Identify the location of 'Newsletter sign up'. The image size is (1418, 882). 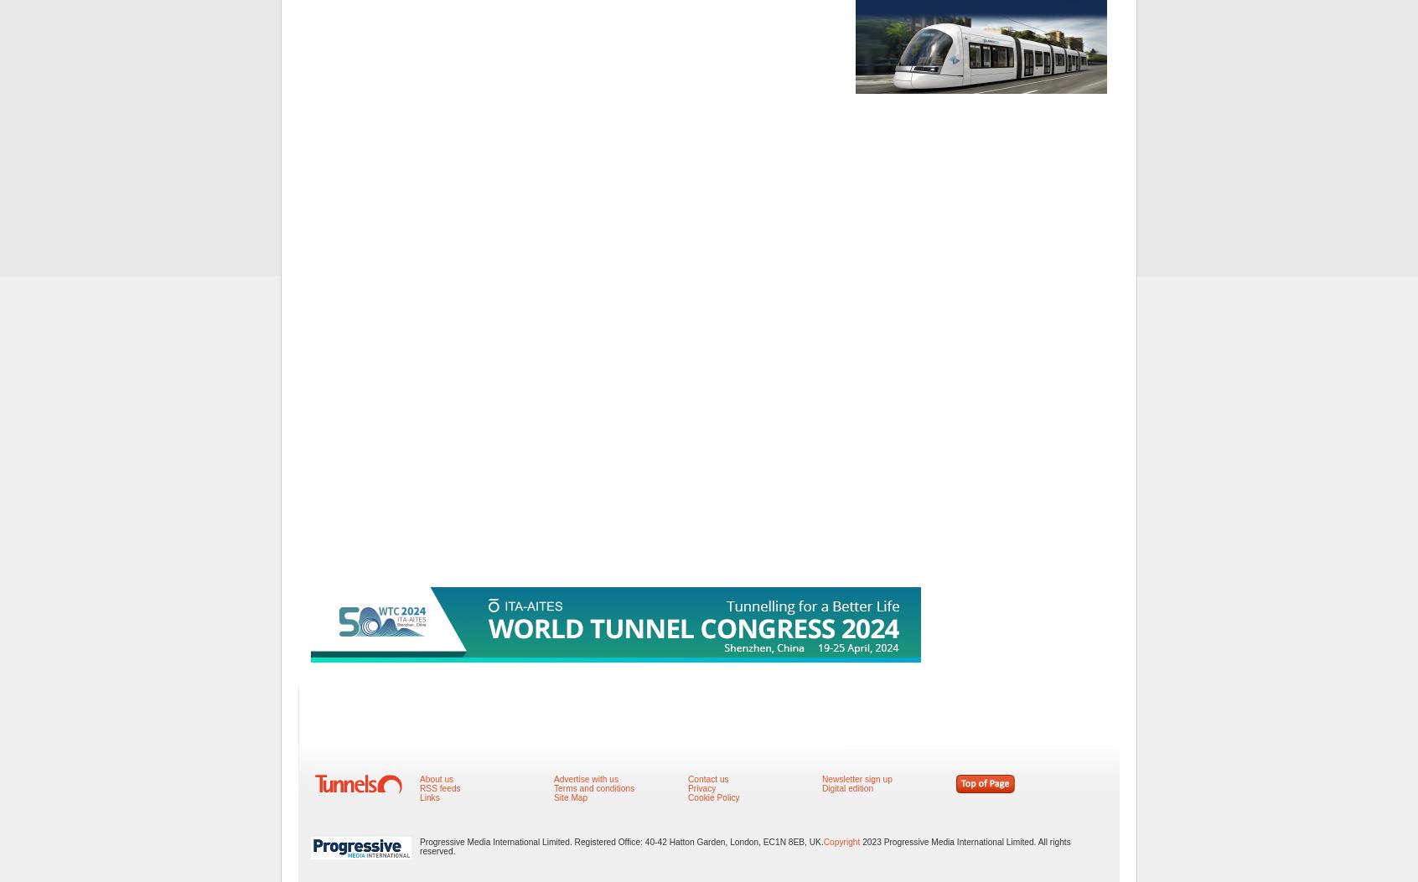
(856, 778).